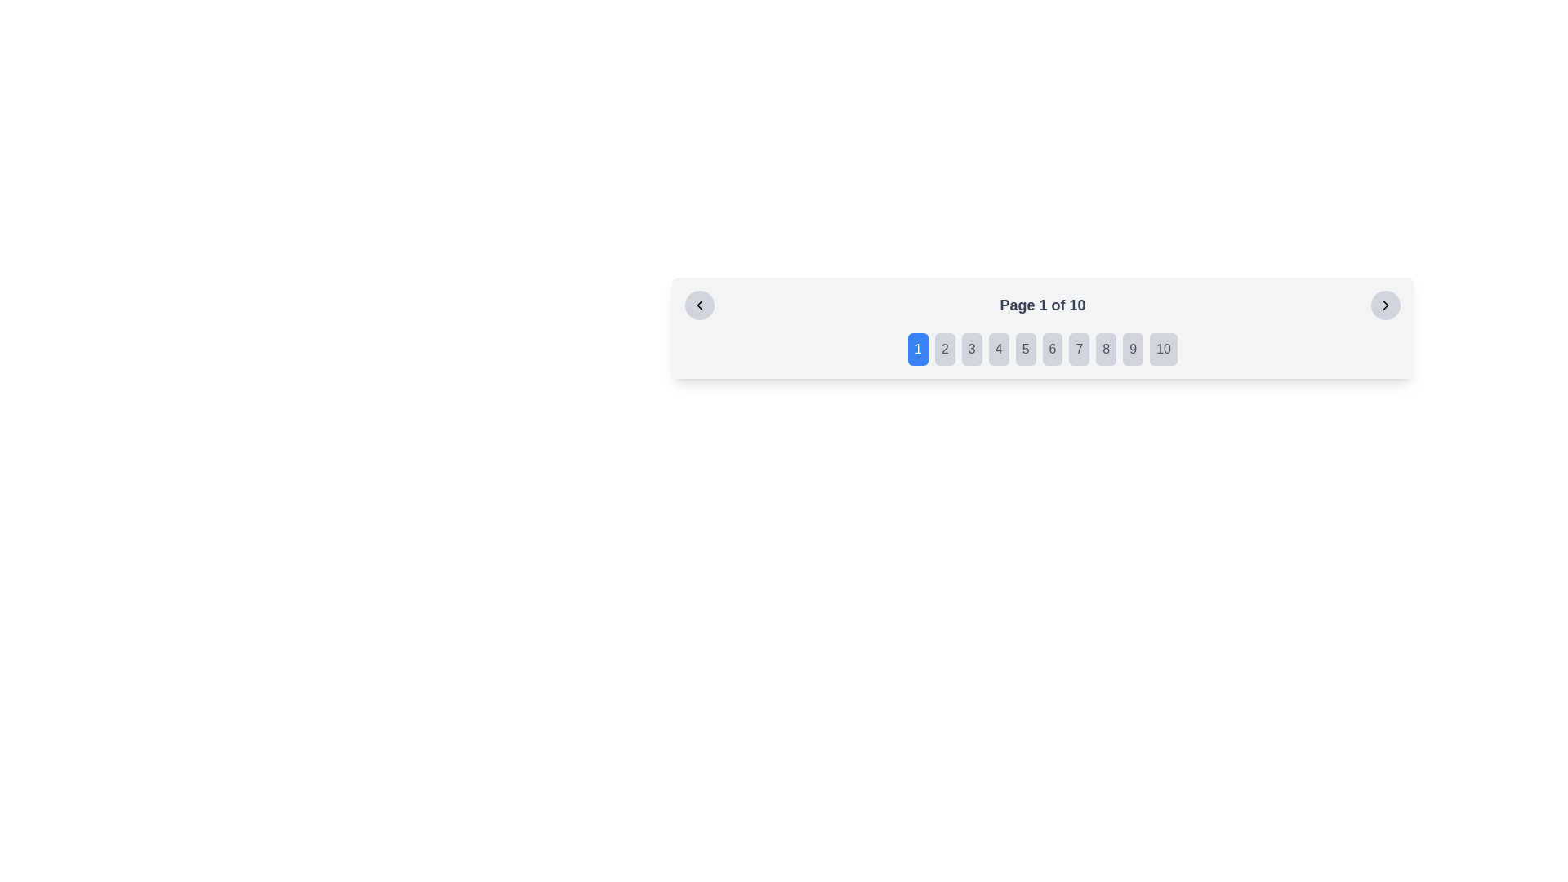 Image resolution: width=1568 pixels, height=882 pixels. Describe the element at coordinates (1079, 349) in the screenshot. I see `the small rectangular button with rounded corners displaying the number '7'` at that location.